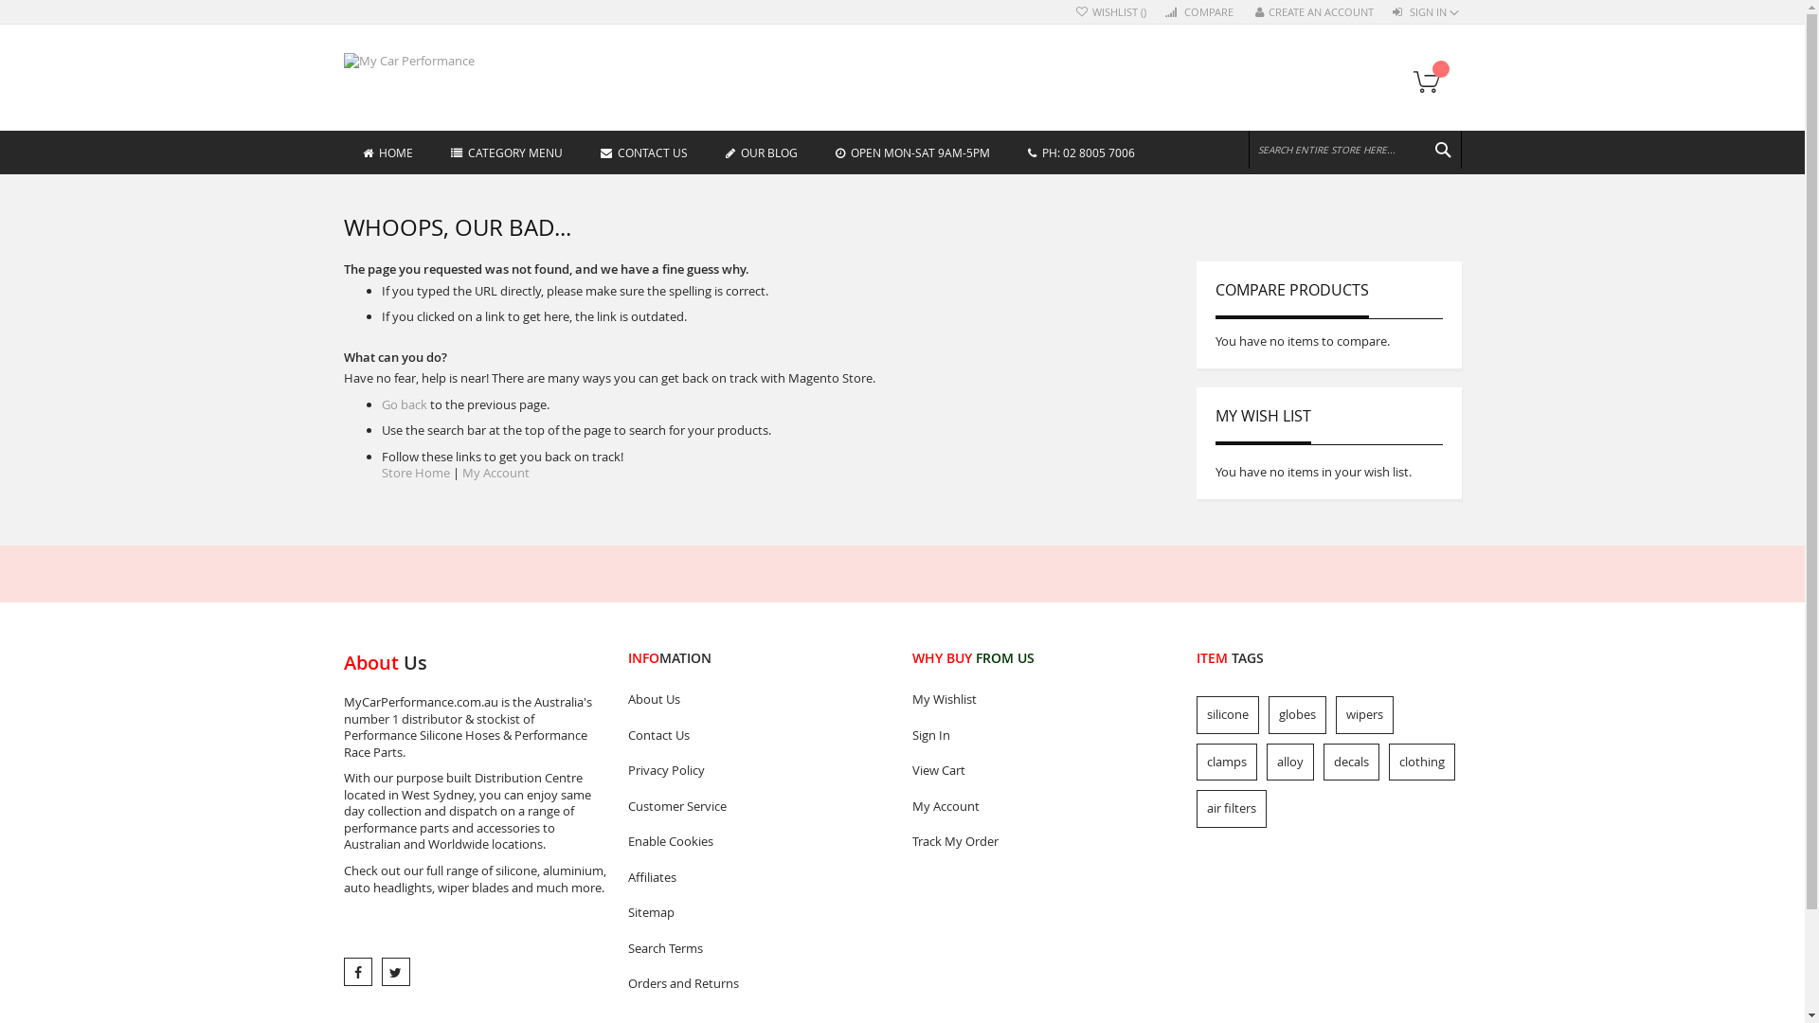 The width and height of the screenshot is (1819, 1023). Describe the element at coordinates (1110, 12) in the screenshot. I see `'WISHLIST'` at that location.